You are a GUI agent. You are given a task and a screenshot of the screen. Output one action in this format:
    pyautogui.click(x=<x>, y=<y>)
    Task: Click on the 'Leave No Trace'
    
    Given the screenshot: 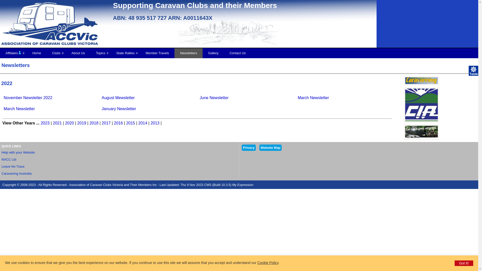 What is the action you would take?
    pyautogui.click(x=13, y=166)
    